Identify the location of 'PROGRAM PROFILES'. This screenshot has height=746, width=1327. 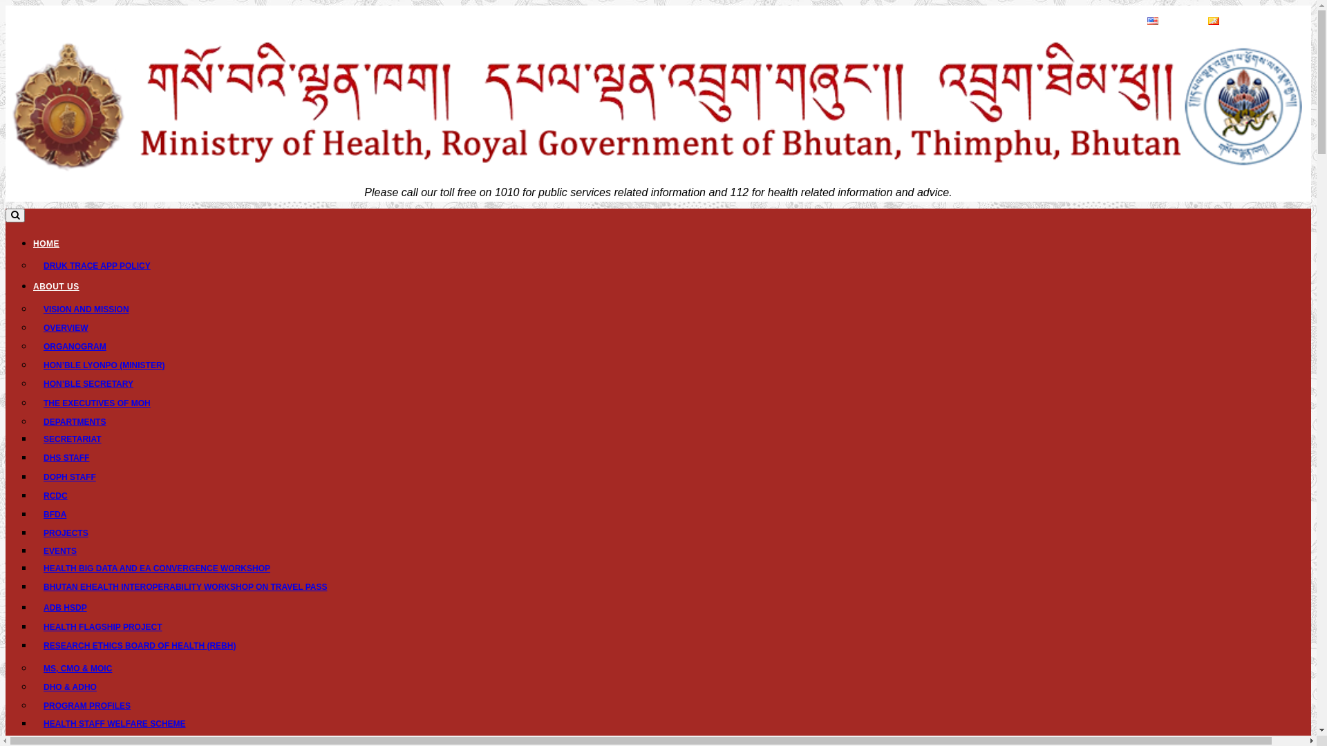
(86, 706).